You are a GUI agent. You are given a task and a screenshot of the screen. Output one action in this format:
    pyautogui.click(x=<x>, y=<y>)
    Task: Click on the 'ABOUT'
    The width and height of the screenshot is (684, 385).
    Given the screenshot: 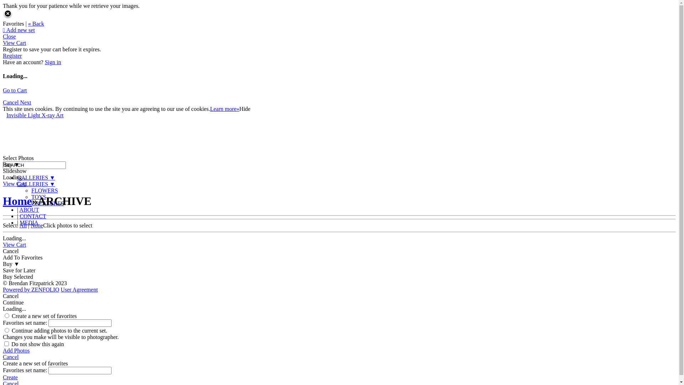 What is the action you would take?
    pyautogui.click(x=28, y=209)
    